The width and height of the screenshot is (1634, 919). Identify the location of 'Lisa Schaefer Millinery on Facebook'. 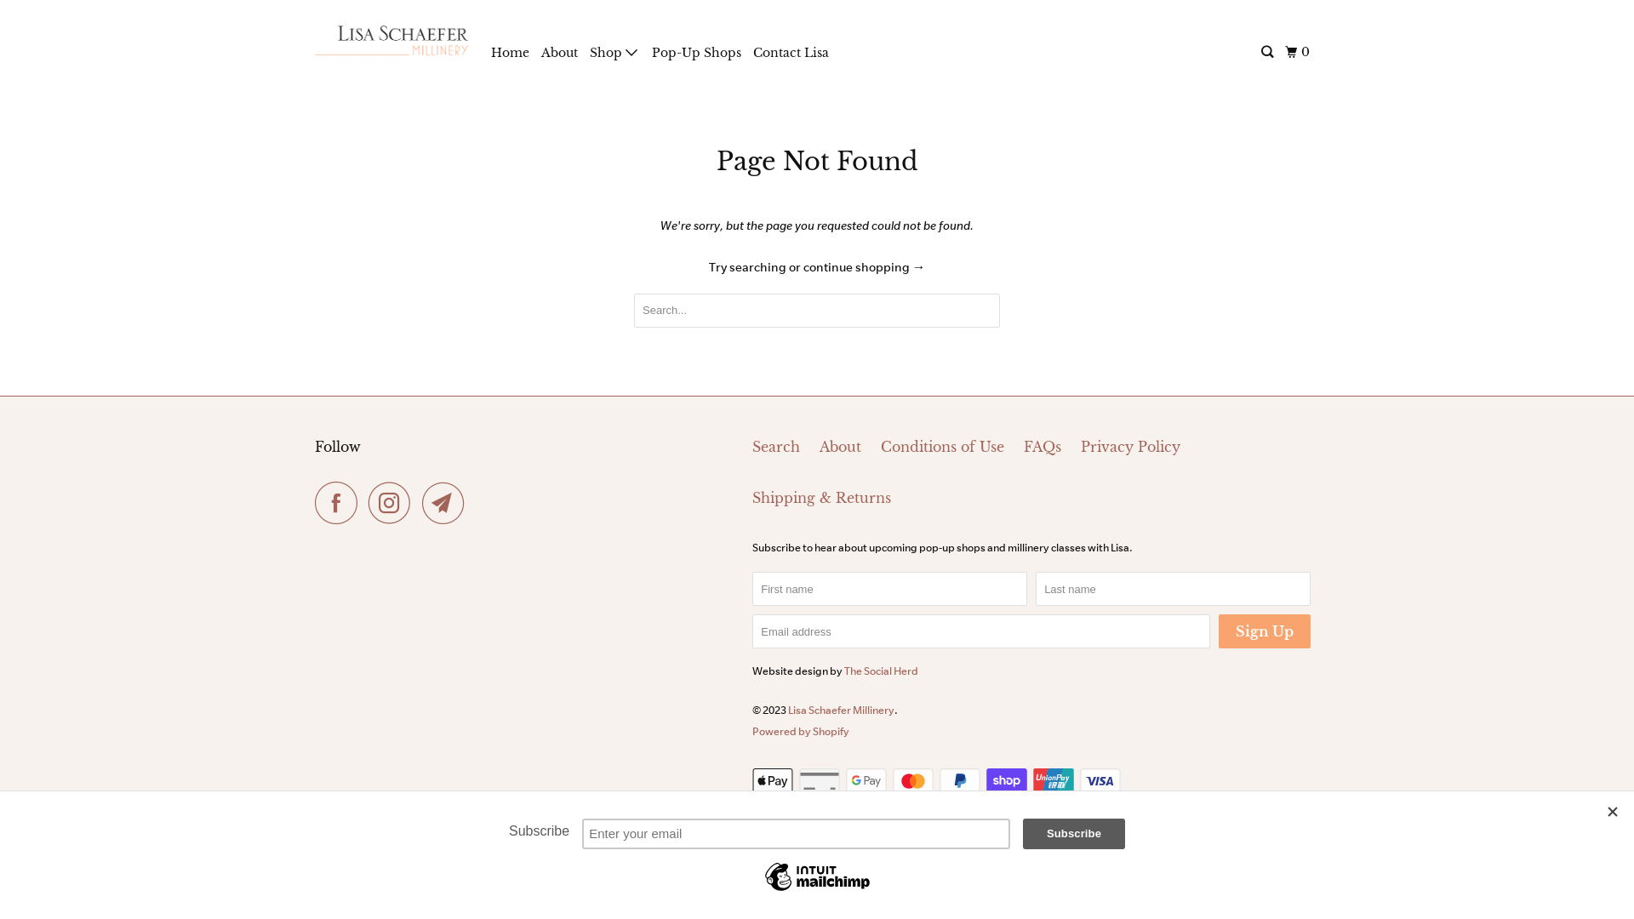
(340, 501).